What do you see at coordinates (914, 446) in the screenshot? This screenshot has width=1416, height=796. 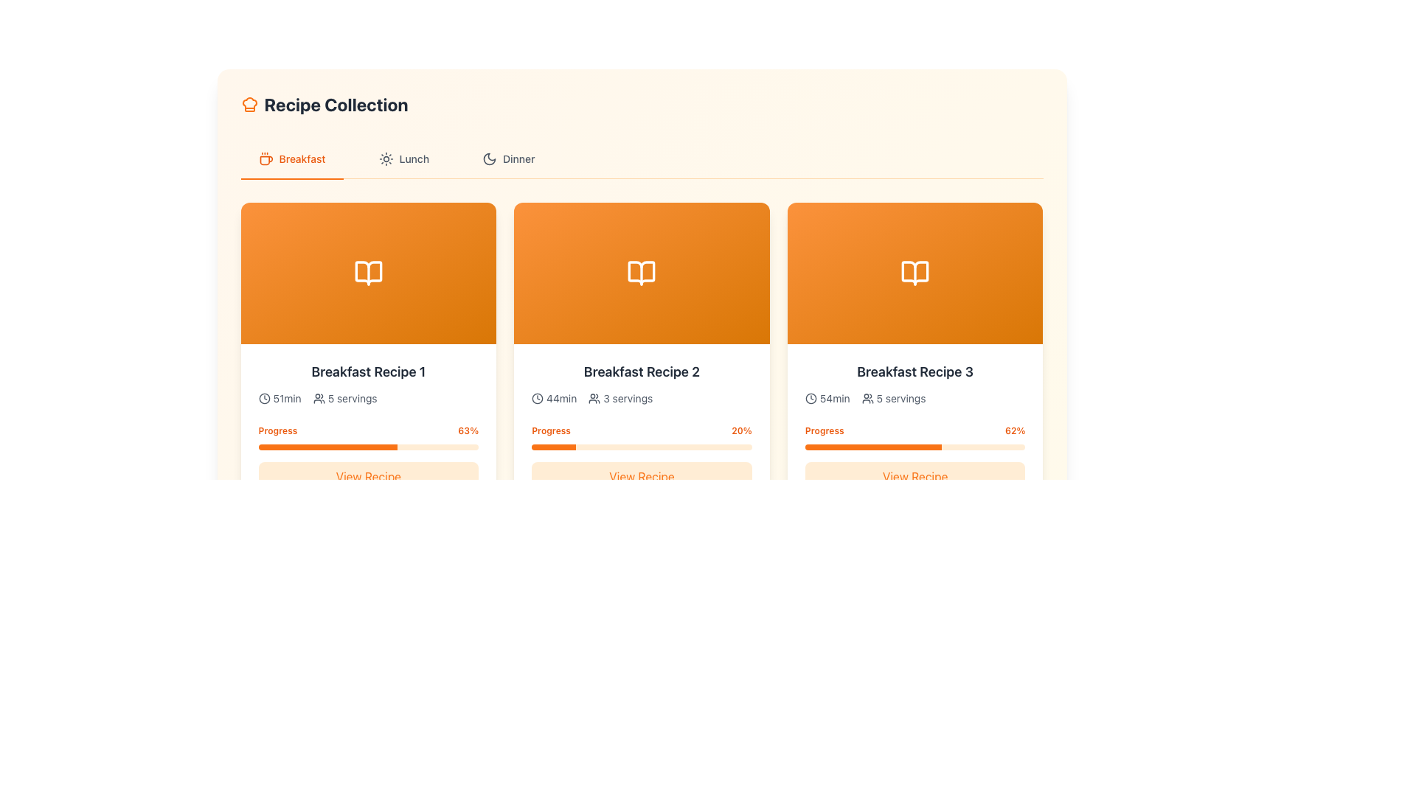 I see `the Progress Bar indicating 62% completion for 'Breakfast Recipe 3' located under the 'Progress' label and above the 'View Recipe' button in the third recipe card` at bounding box center [914, 446].